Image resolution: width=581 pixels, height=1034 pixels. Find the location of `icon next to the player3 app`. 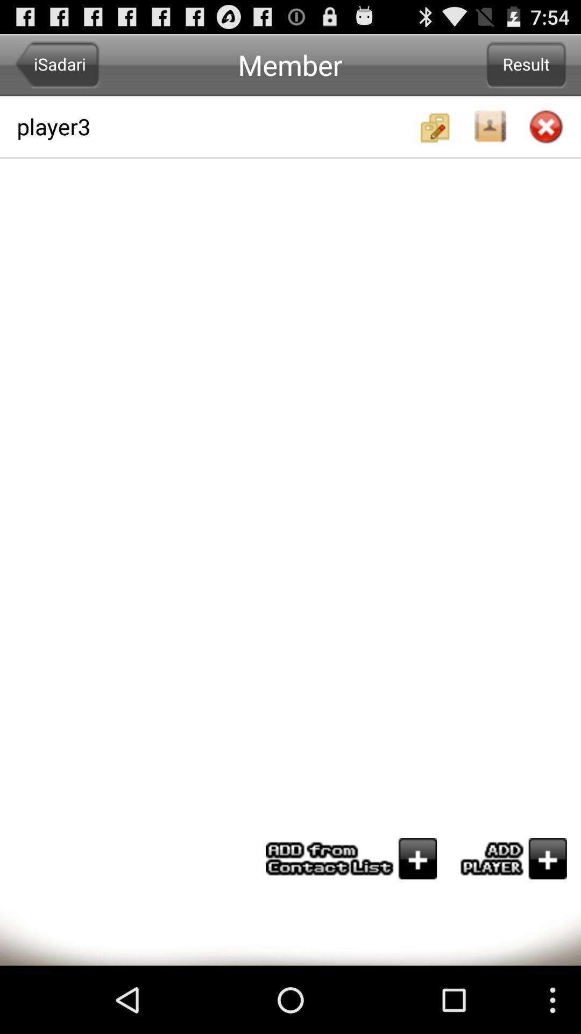

icon next to the player3 app is located at coordinates (526, 64).